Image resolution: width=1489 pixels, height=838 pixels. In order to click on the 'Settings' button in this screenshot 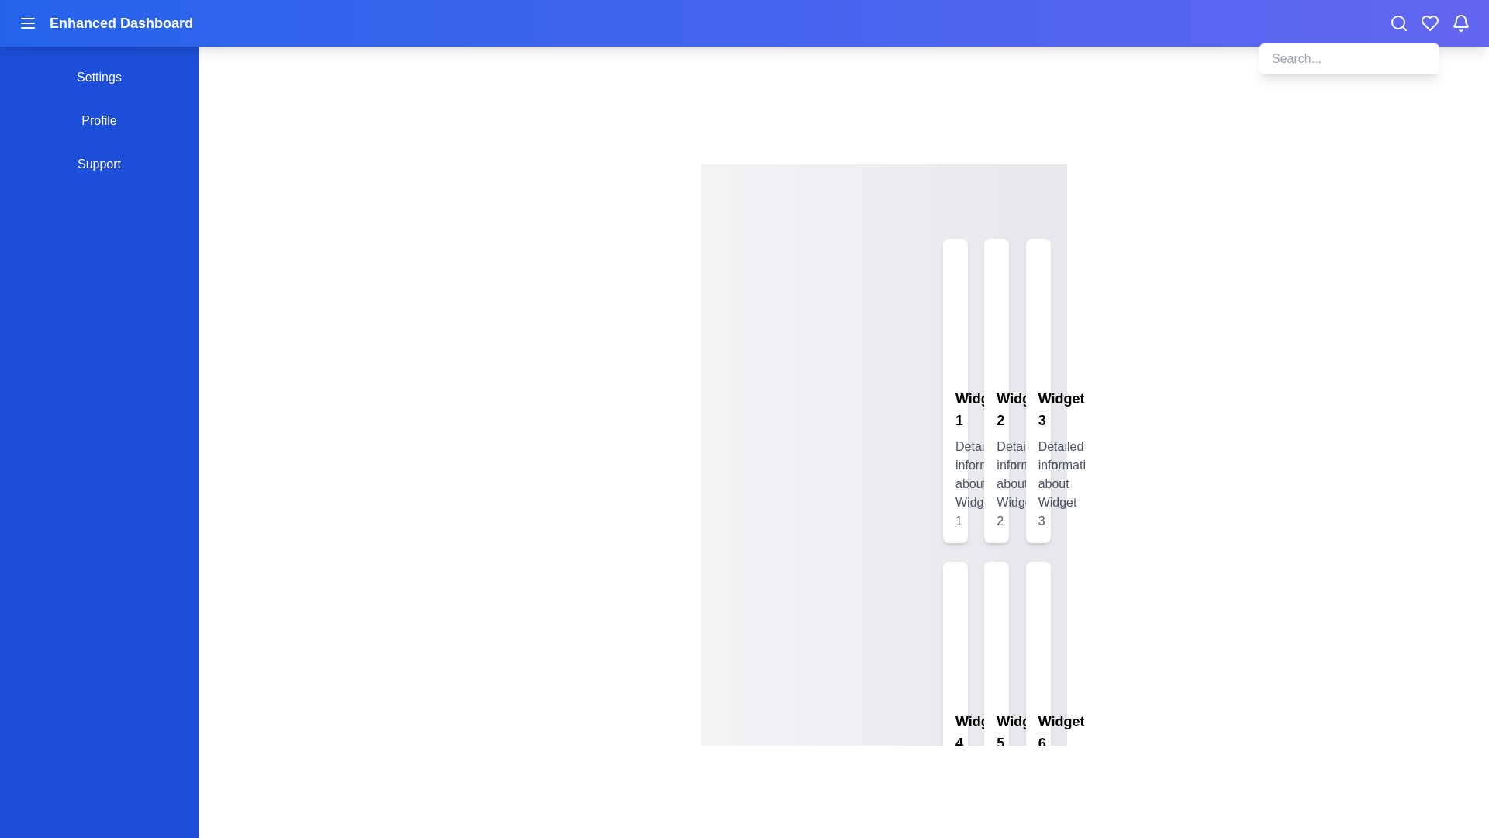, I will do `click(98, 78)`.